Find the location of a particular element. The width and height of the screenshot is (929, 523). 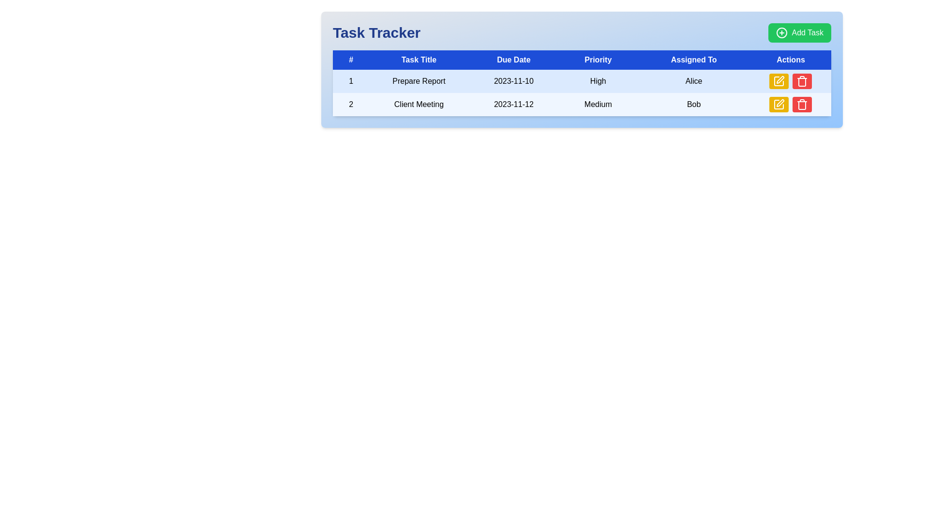

the 'edit' icon in the 'Actions' cell of the second row in the task table is located at coordinates (779, 81).